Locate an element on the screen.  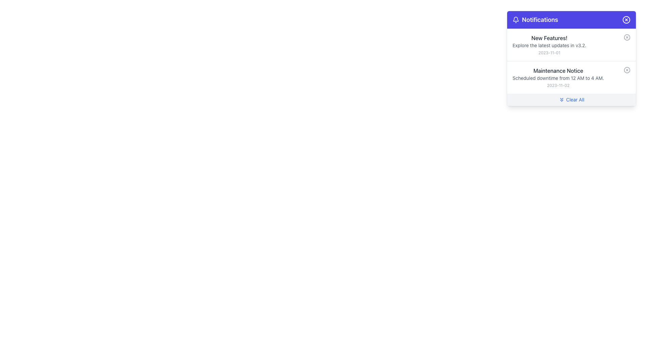
the bell-shaped icon component located at the top-right of the notification panel is located at coordinates (516, 19).